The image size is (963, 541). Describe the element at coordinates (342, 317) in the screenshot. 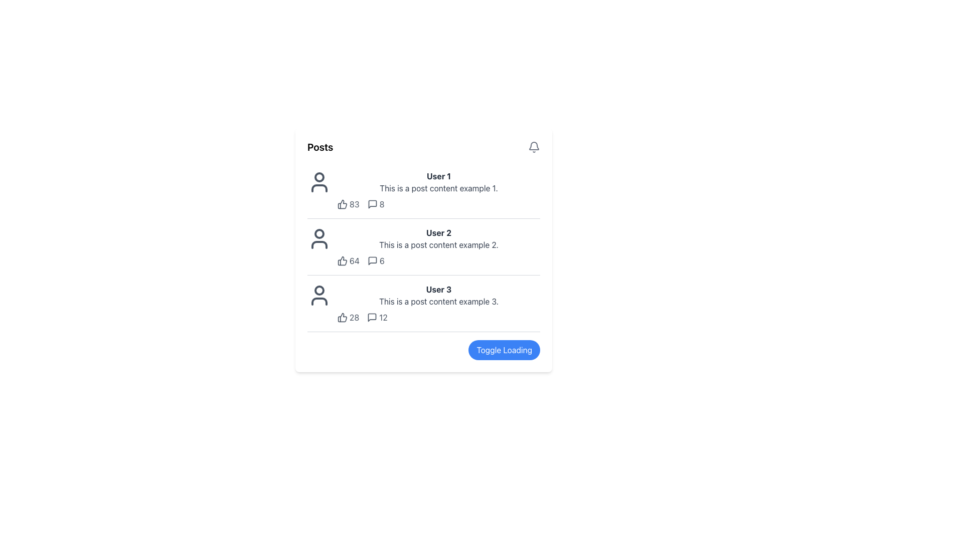

I see `the gray thumbs-up icon next to the number '28' in the third post to register a 'like'` at that location.